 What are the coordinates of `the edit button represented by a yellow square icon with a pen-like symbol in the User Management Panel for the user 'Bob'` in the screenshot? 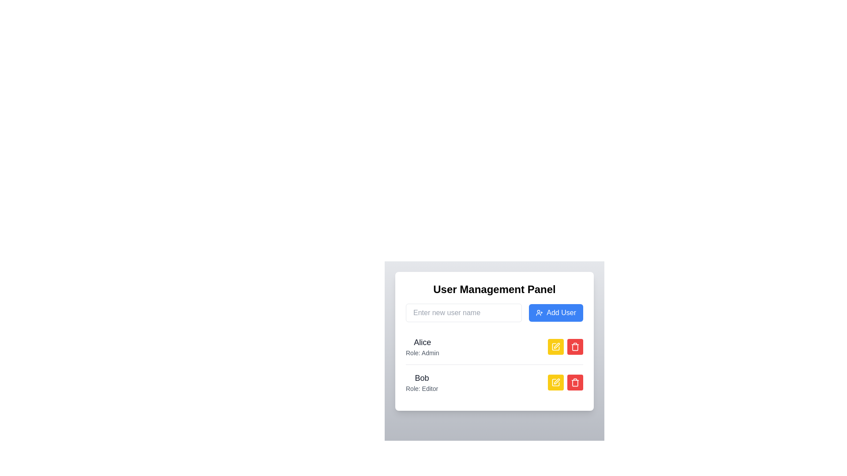 It's located at (555, 382).